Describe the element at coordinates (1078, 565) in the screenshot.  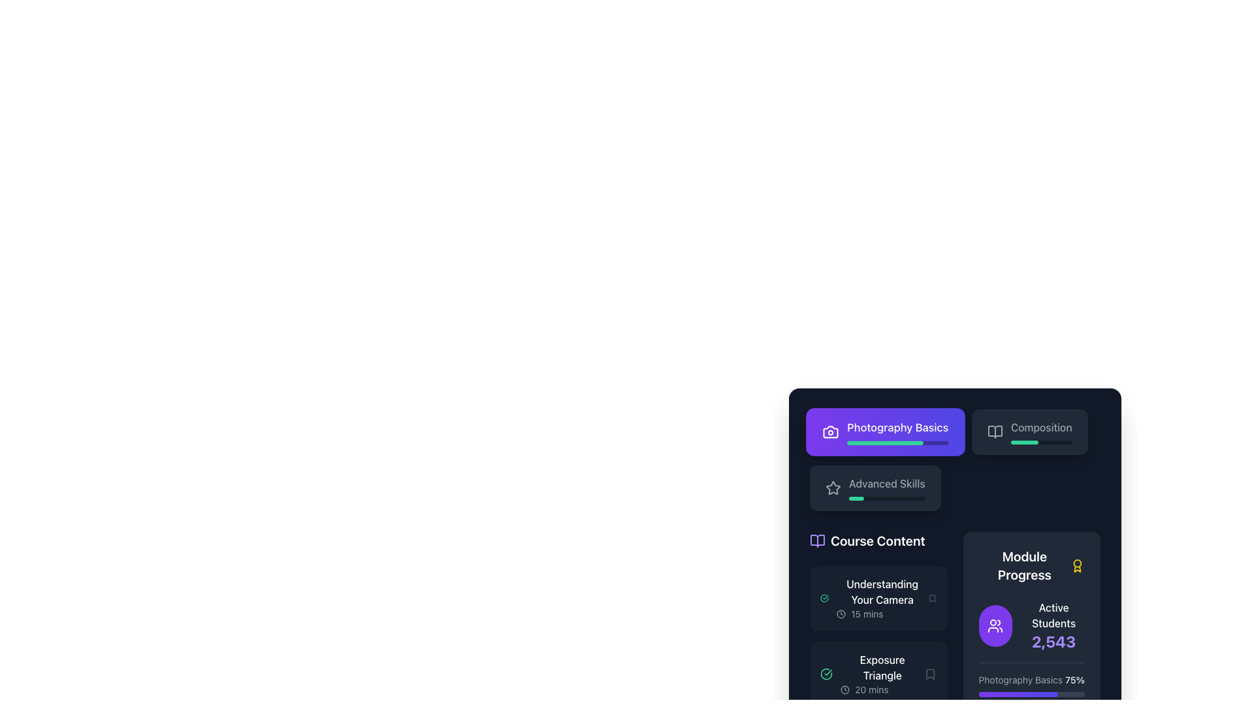
I see `the award icon representing module progress, located to the right of the 'Module Progress' title text` at that location.